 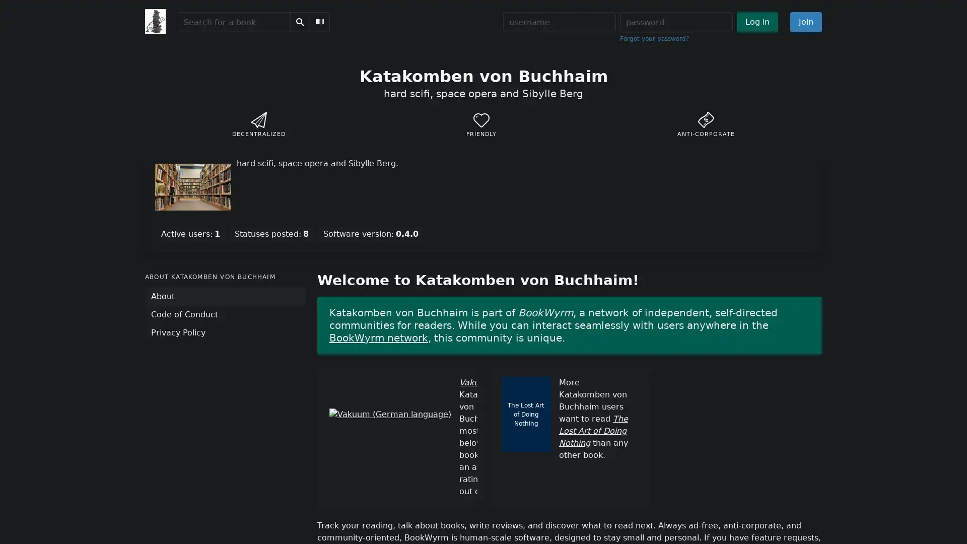 What do you see at coordinates (756, 22) in the screenshot?
I see `Log in` at bounding box center [756, 22].